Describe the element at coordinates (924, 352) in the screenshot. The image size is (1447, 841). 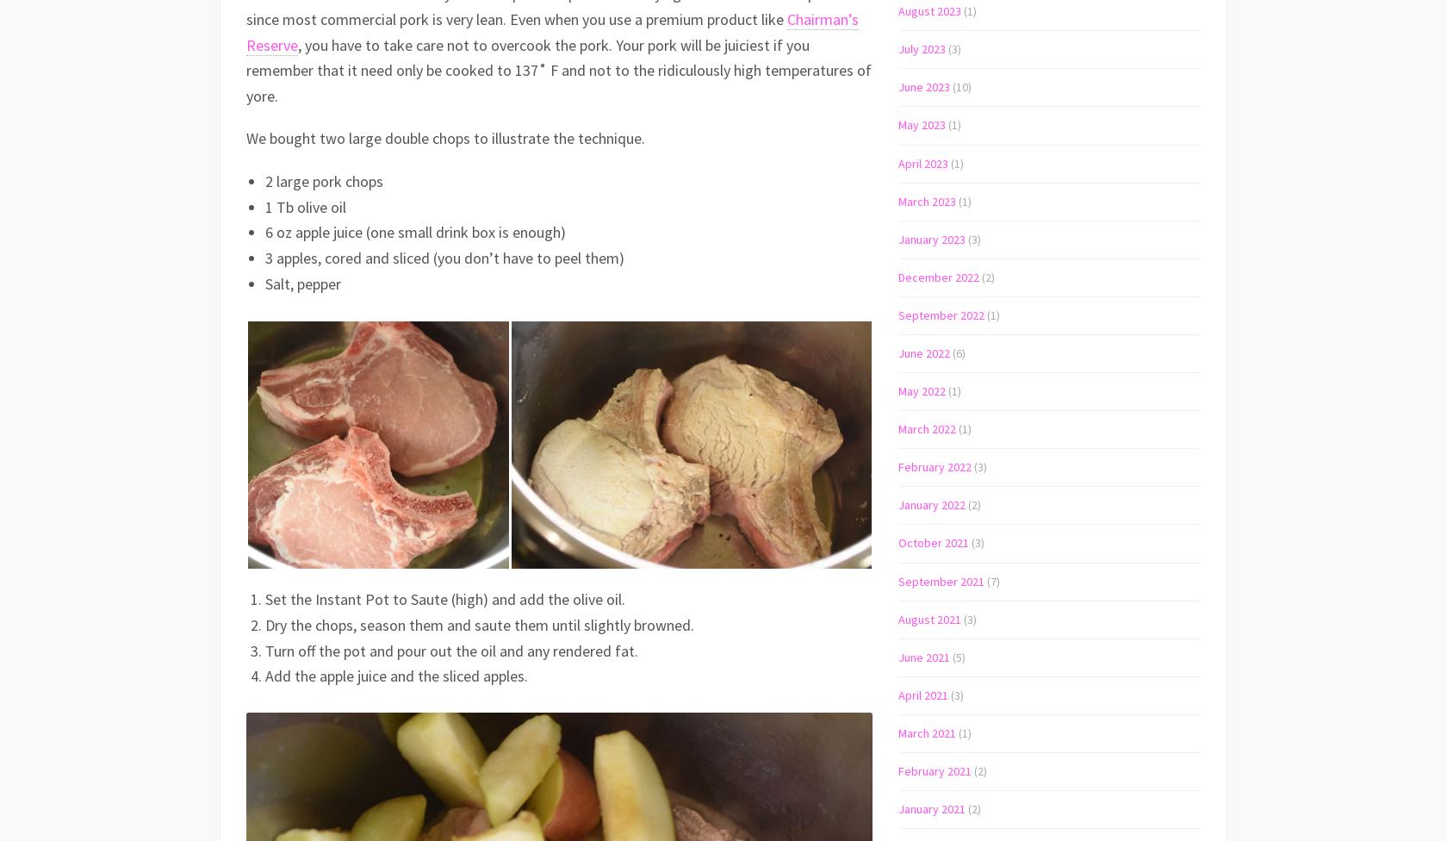
I see `'June 2022'` at that location.